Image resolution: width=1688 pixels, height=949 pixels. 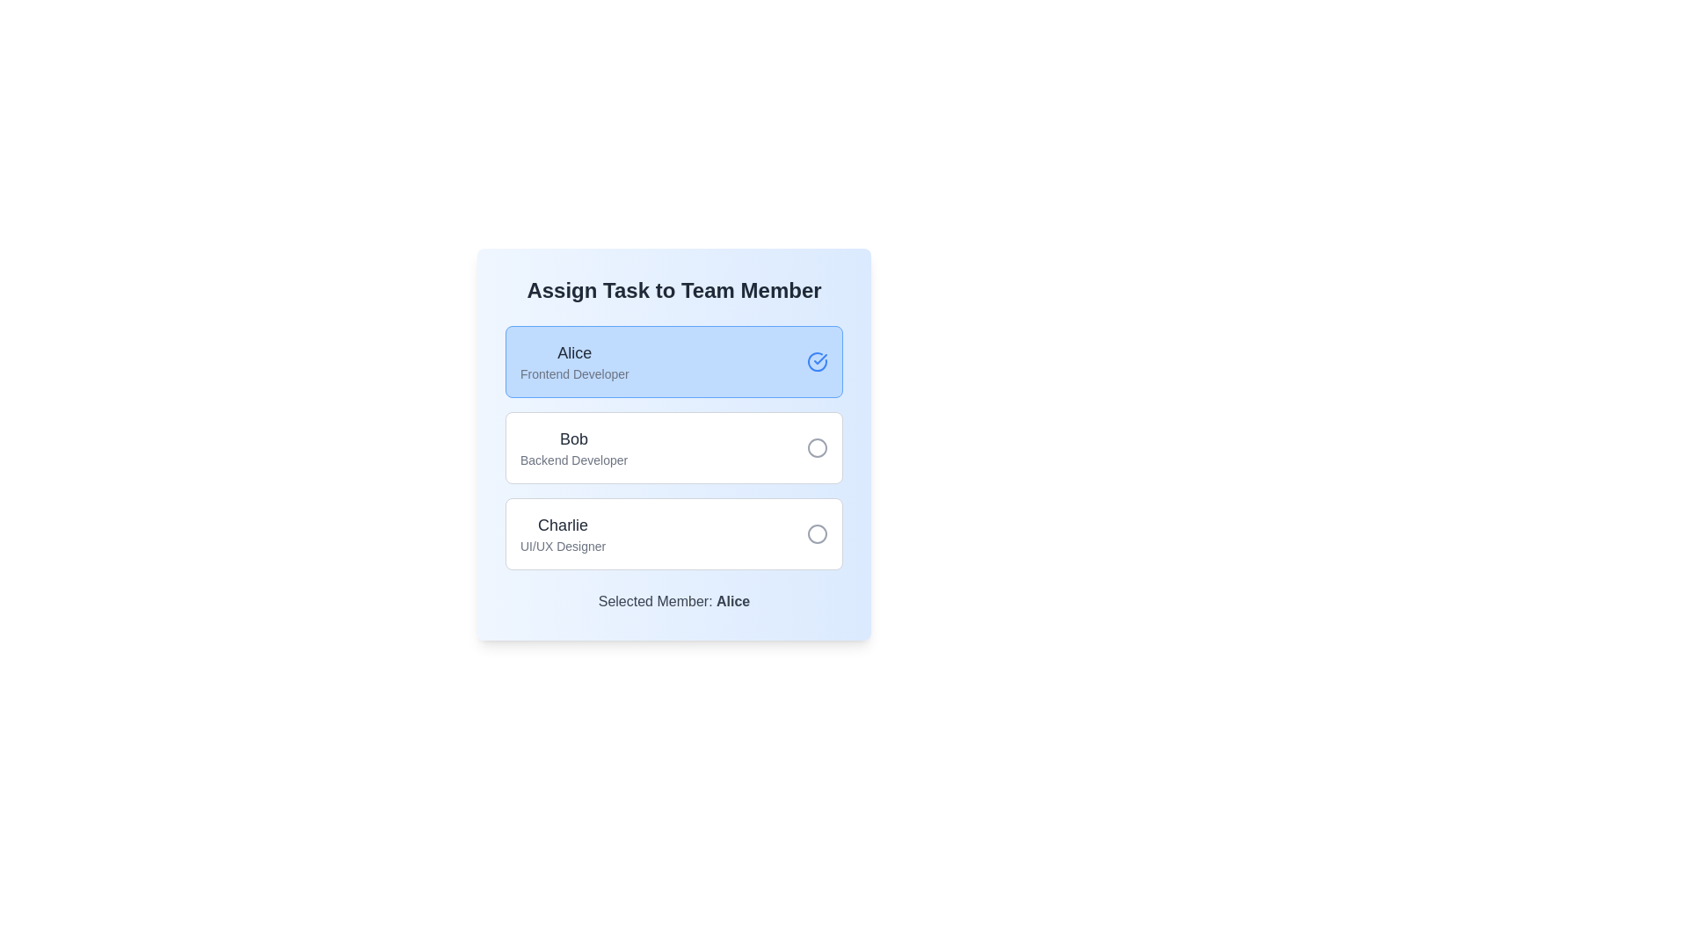 What do you see at coordinates (563, 533) in the screenshot?
I see `multi-line text label representing the selectable option for 'Charlie,' the UI/UX Designer, located in the third position beneath 'Alice' and 'Bob.'` at bounding box center [563, 533].